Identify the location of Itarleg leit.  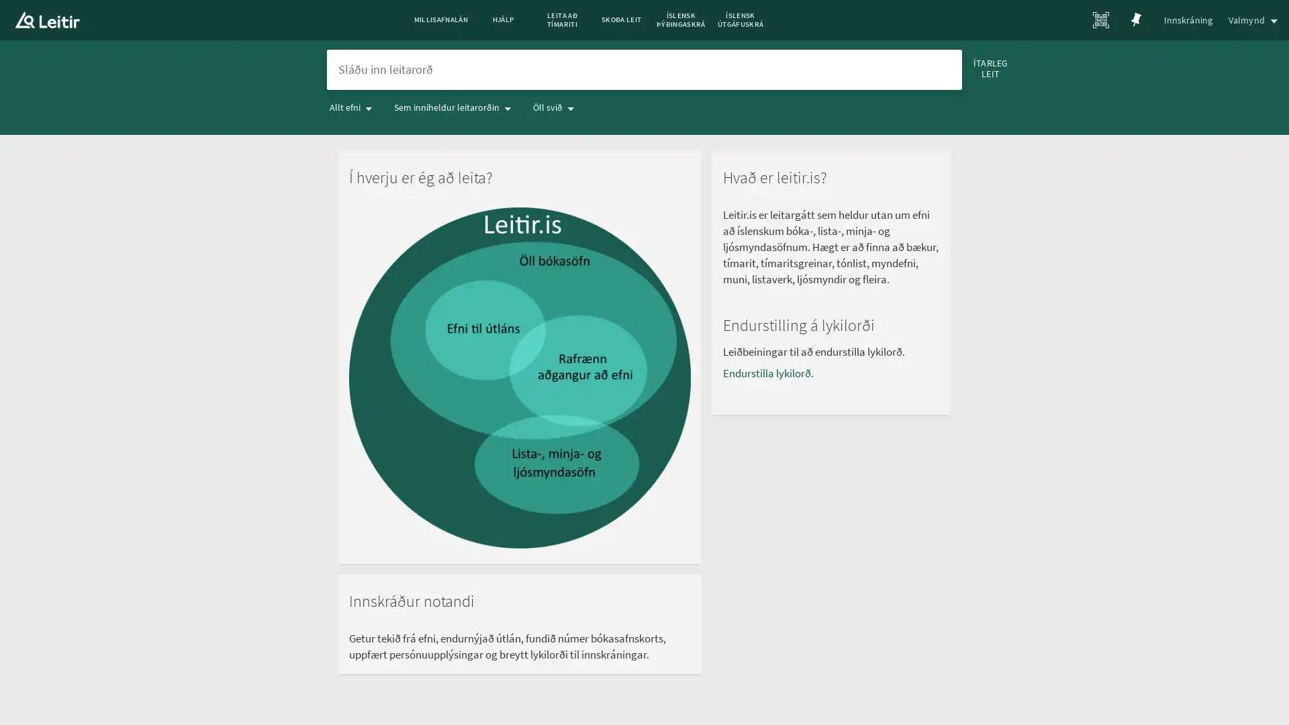
(1005, 75).